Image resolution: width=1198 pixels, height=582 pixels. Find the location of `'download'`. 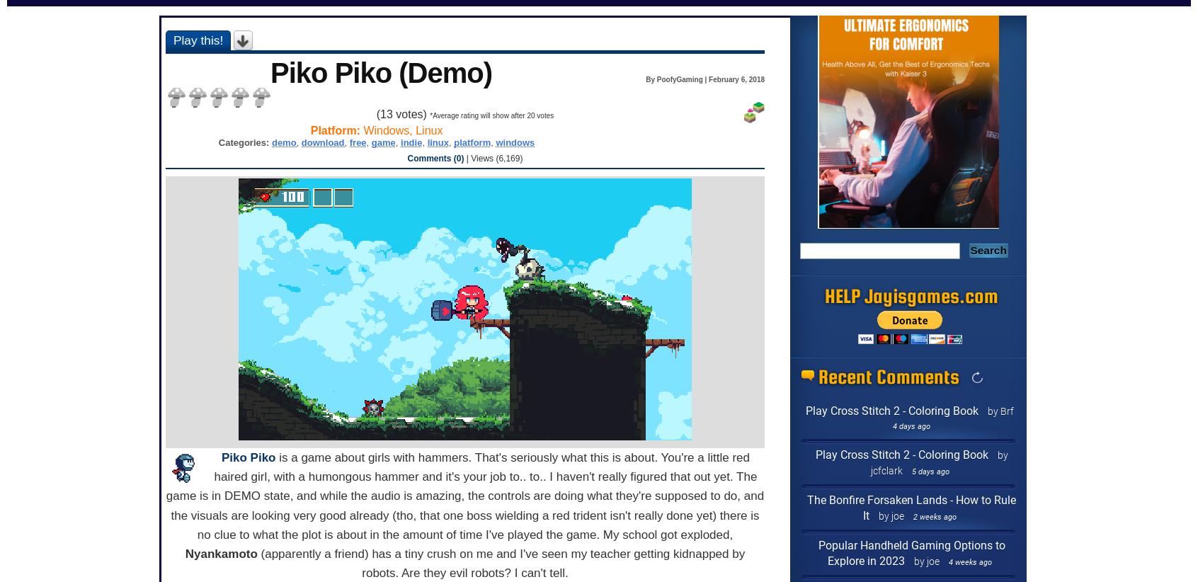

'download' is located at coordinates (321, 141).